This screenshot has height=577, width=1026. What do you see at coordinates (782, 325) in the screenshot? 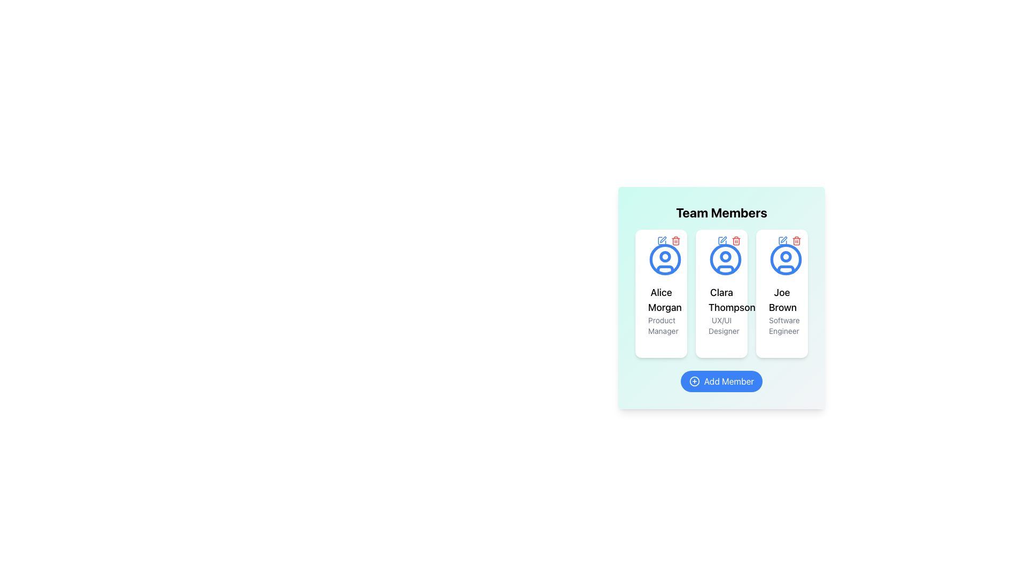
I see `the static text label indicating the role or job title associated with 'Joe Brown', located in the bottom-center section of the card below the text 'Joe Brown'` at bounding box center [782, 325].